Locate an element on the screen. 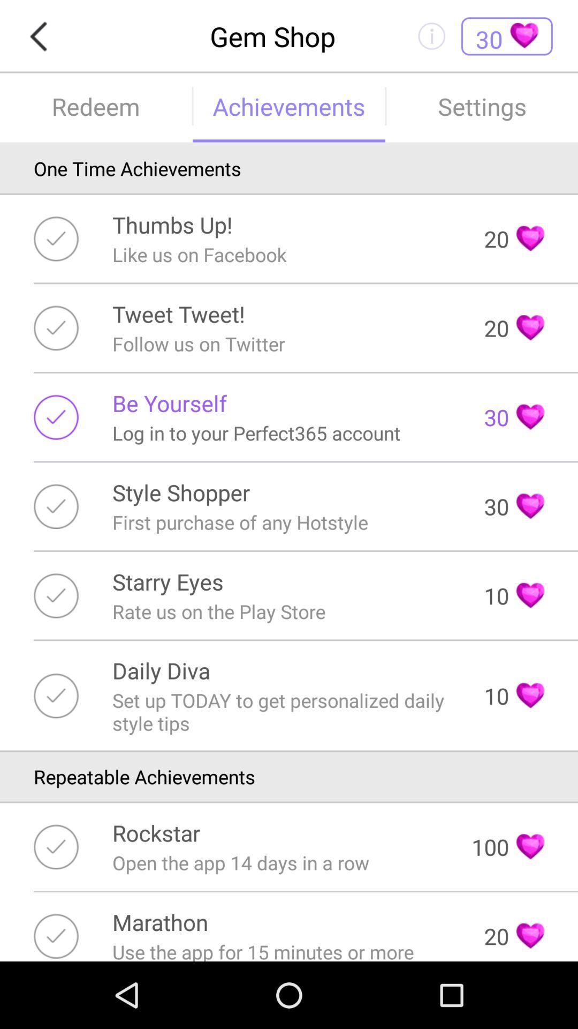  the arrow_backward icon is located at coordinates (41, 39).